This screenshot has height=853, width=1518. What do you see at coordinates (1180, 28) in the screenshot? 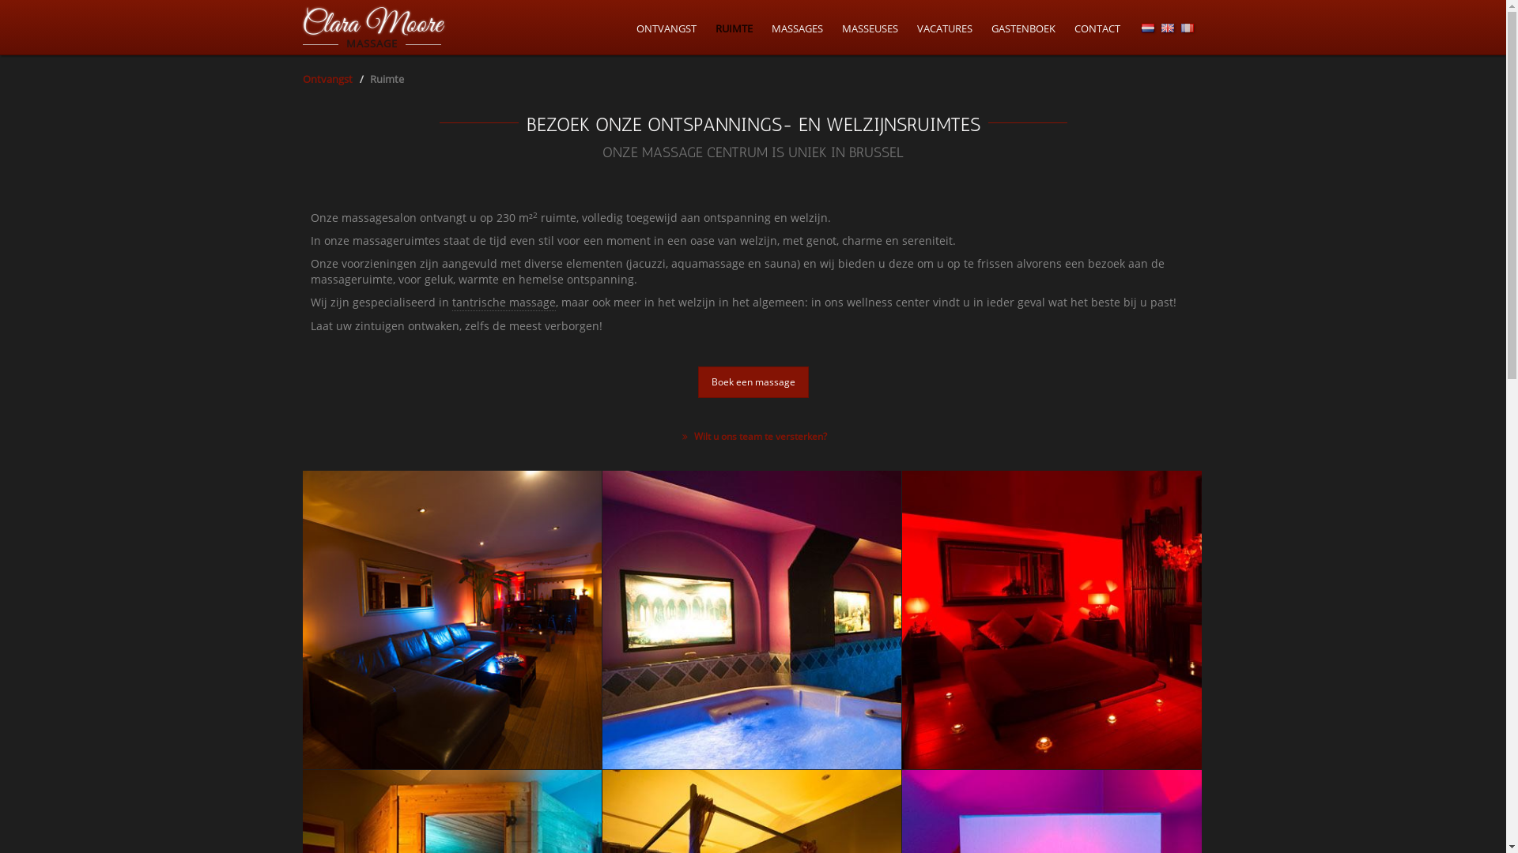
I see `'Website Franse versie'` at bounding box center [1180, 28].